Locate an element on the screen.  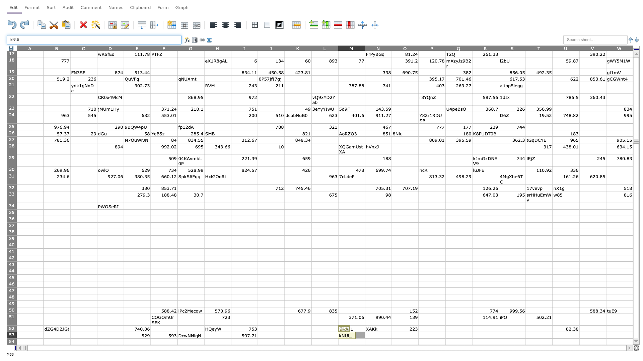
Top left of cell P53 is located at coordinates (418, 332).